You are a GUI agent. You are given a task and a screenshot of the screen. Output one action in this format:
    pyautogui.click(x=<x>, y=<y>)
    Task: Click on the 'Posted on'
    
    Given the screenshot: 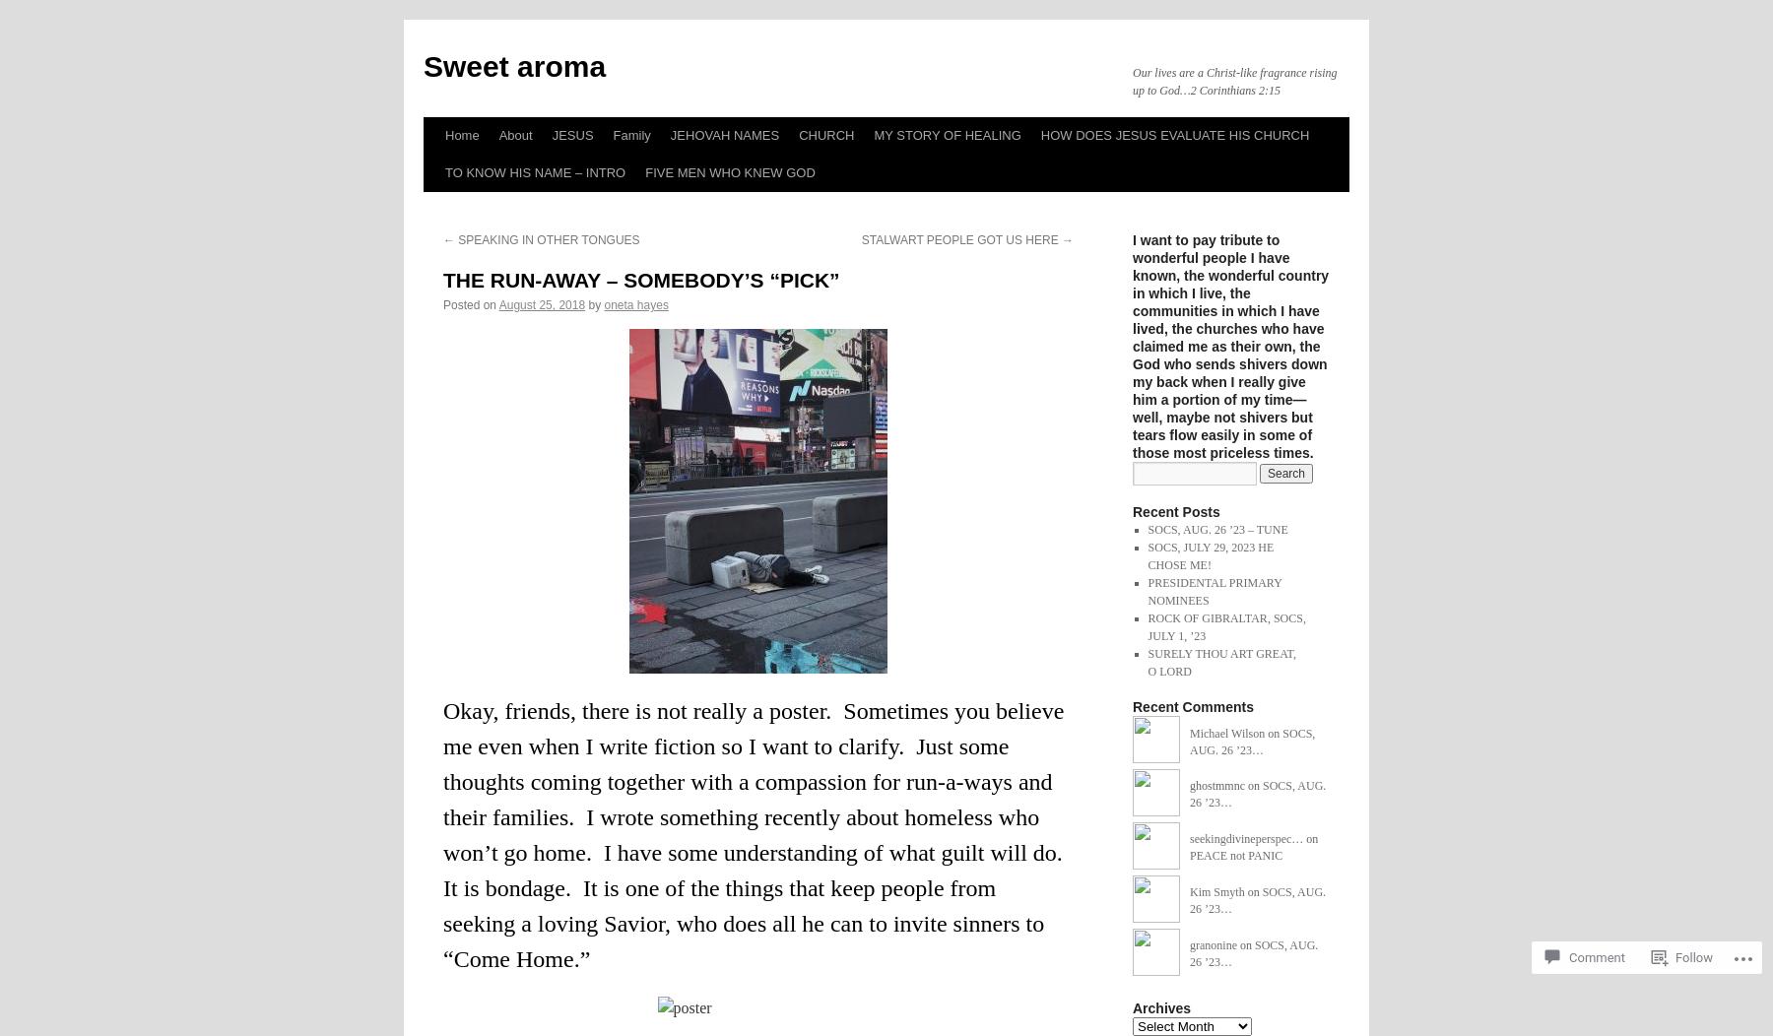 What is the action you would take?
    pyautogui.click(x=443, y=304)
    